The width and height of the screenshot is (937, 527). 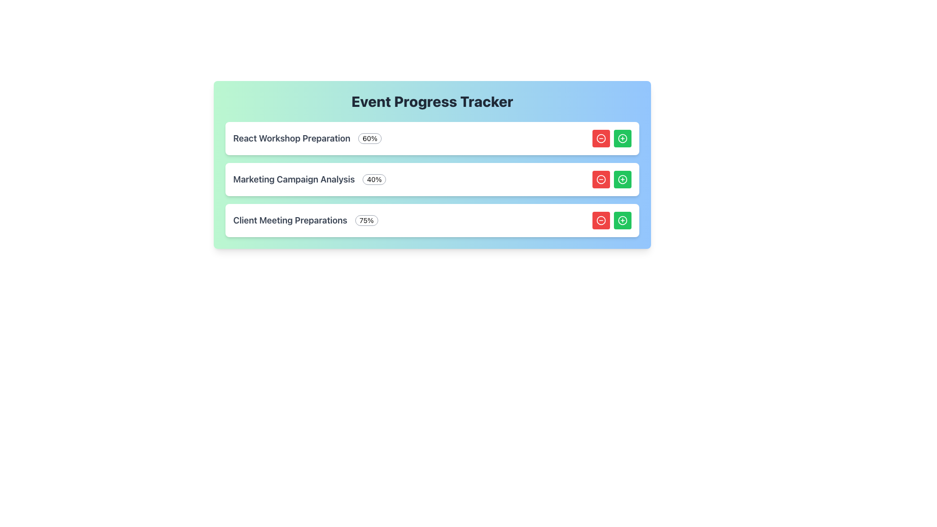 I want to click on the text label displaying 'Marketing Campaign Analysis', which is a bold gray header located in the second row of a vertical layout, so click(x=293, y=179).